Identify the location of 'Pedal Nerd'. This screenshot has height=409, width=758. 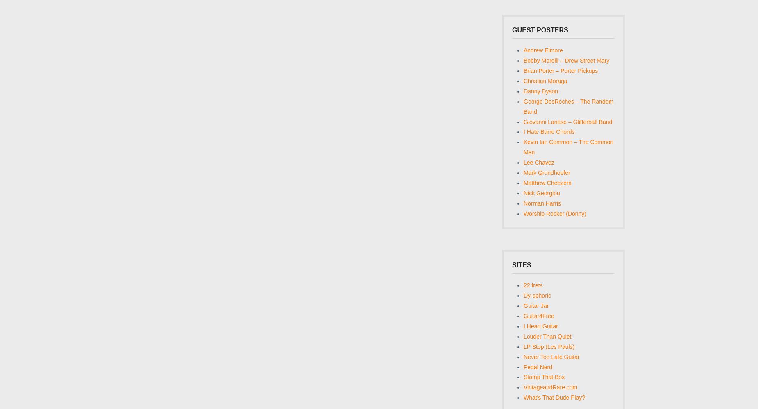
(537, 367).